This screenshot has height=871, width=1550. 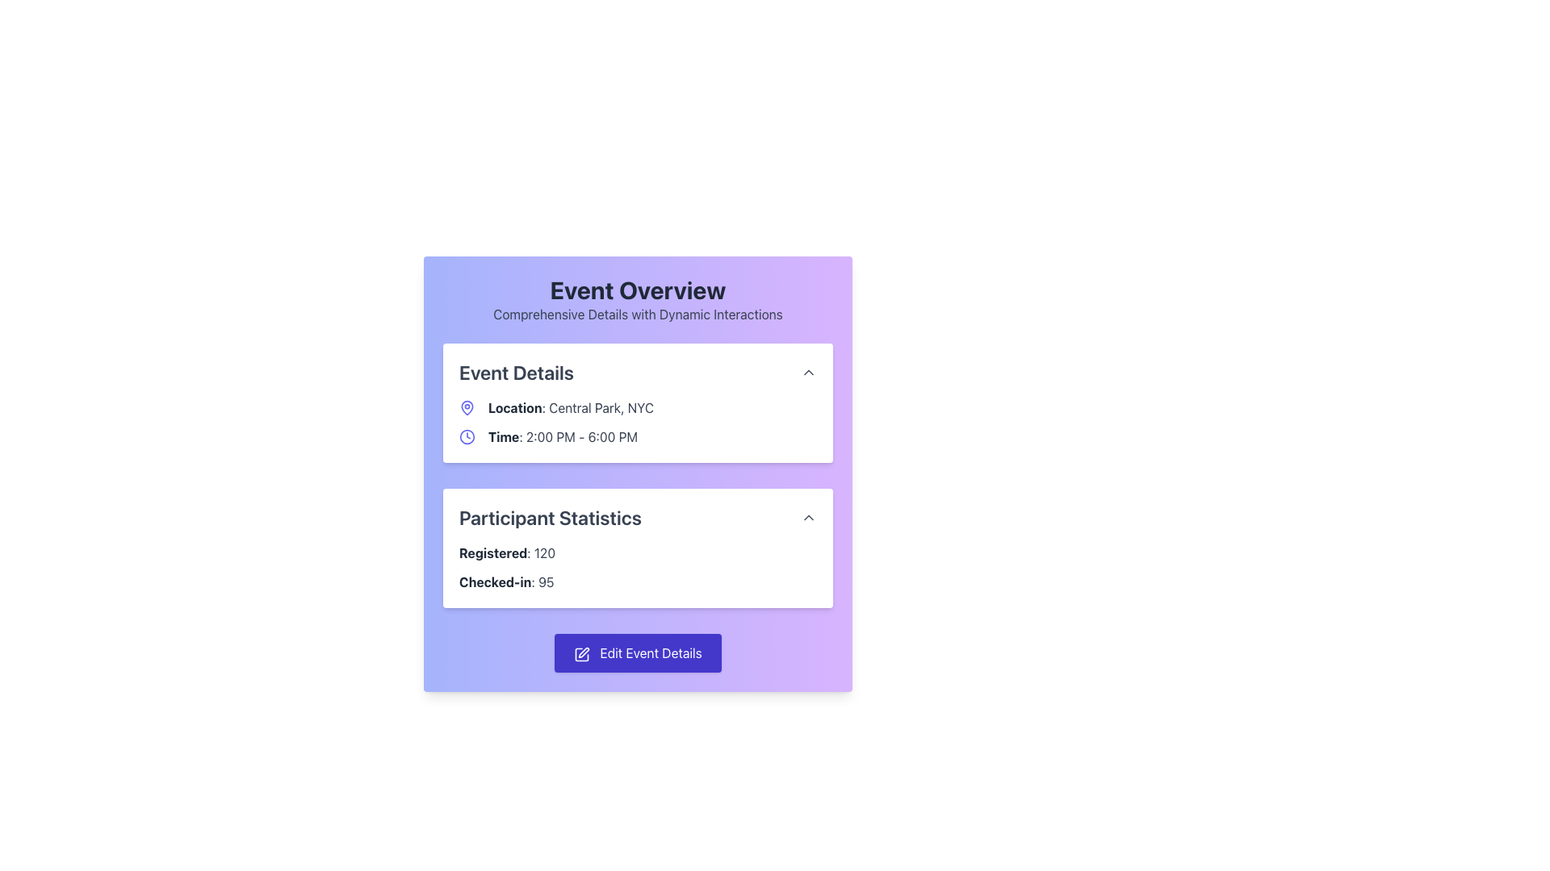 I want to click on the small chevron-shaped button pointing upwards, located next to the 'Participant Statistics' heading, so click(x=809, y=517).